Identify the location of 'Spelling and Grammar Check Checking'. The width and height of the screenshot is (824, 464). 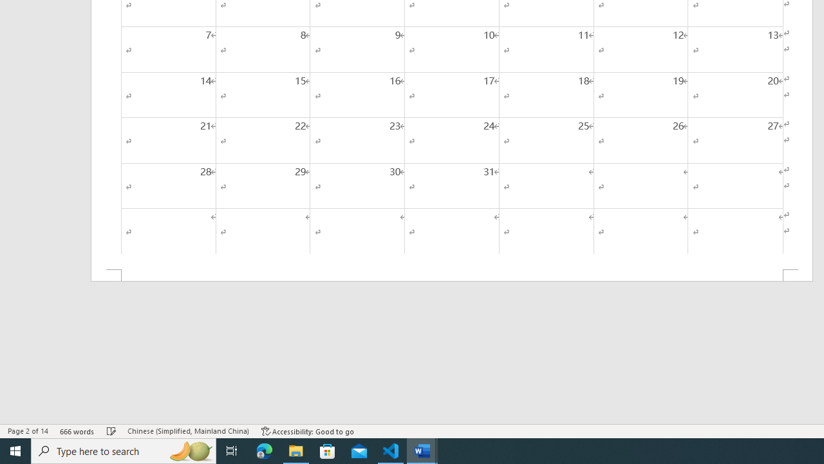
(111, 431).